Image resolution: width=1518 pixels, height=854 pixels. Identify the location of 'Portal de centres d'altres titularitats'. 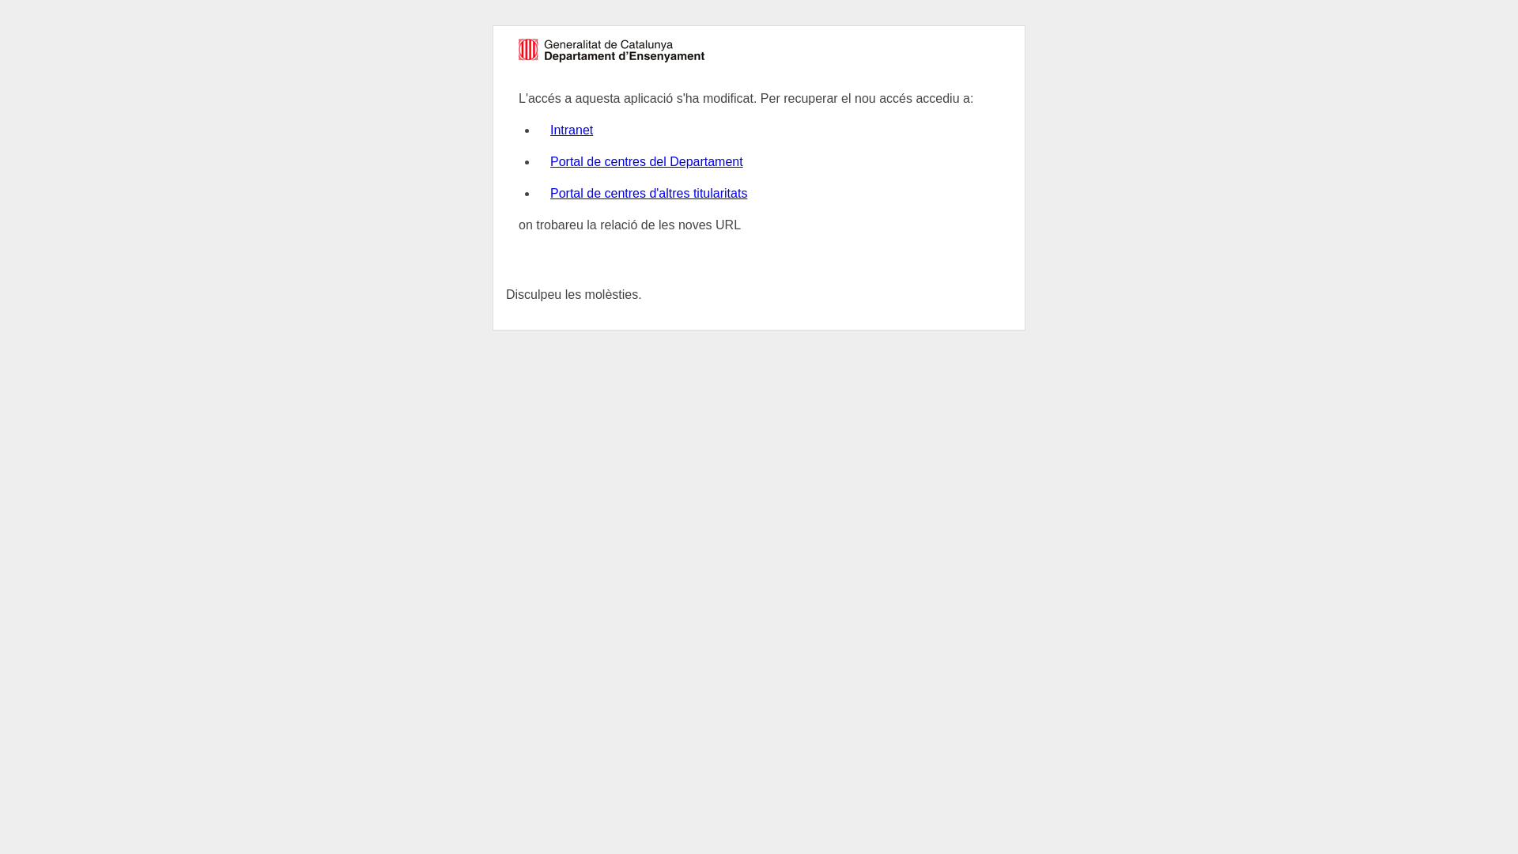
(648, 192).